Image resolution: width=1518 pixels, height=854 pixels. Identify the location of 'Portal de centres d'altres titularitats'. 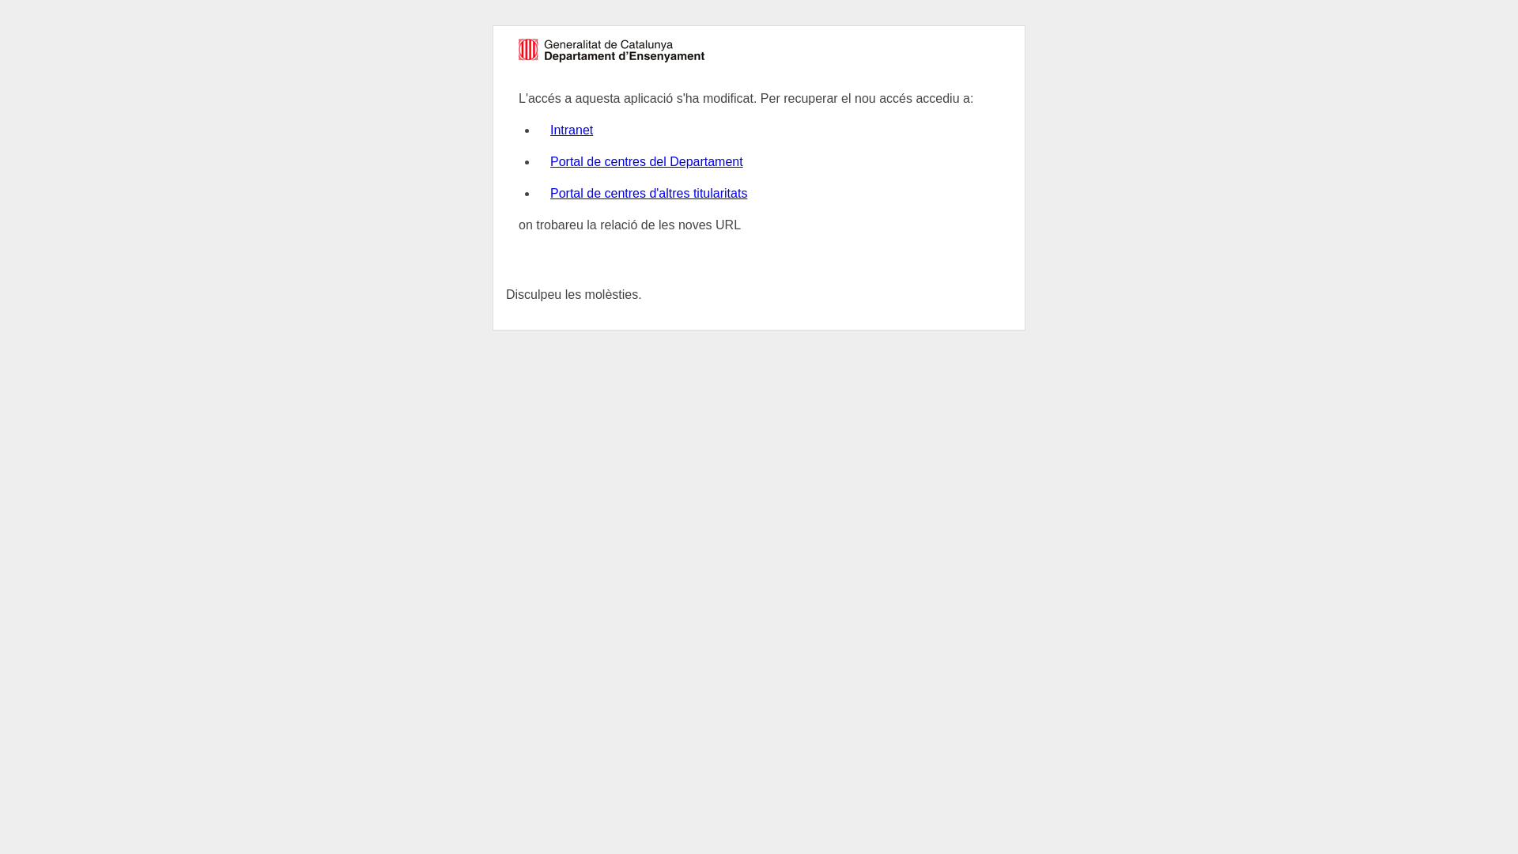
(648, 192).